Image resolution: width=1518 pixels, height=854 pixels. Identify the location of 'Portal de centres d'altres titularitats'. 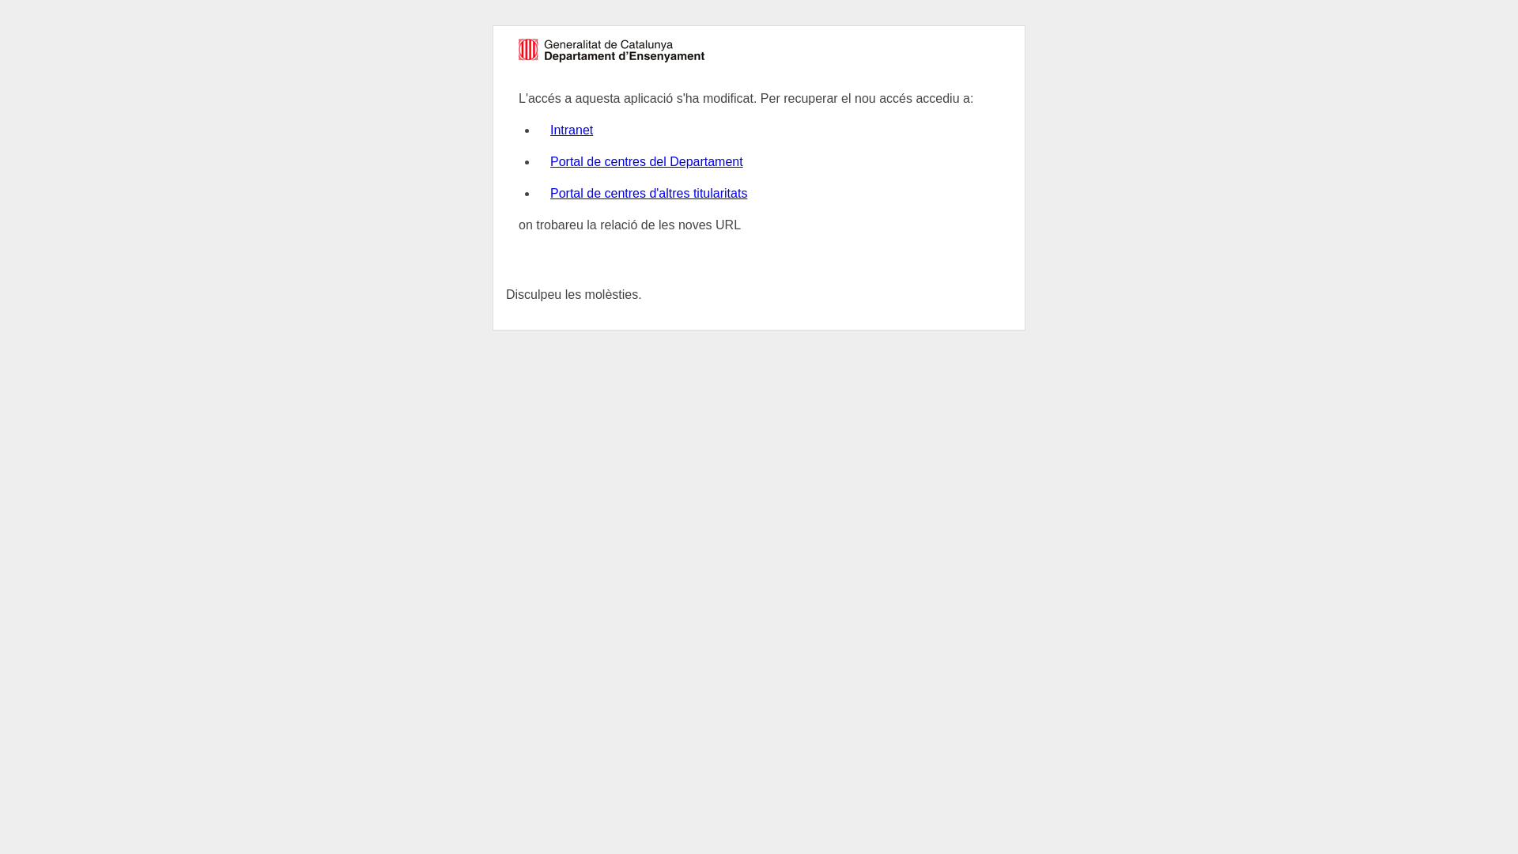
(648, 192).